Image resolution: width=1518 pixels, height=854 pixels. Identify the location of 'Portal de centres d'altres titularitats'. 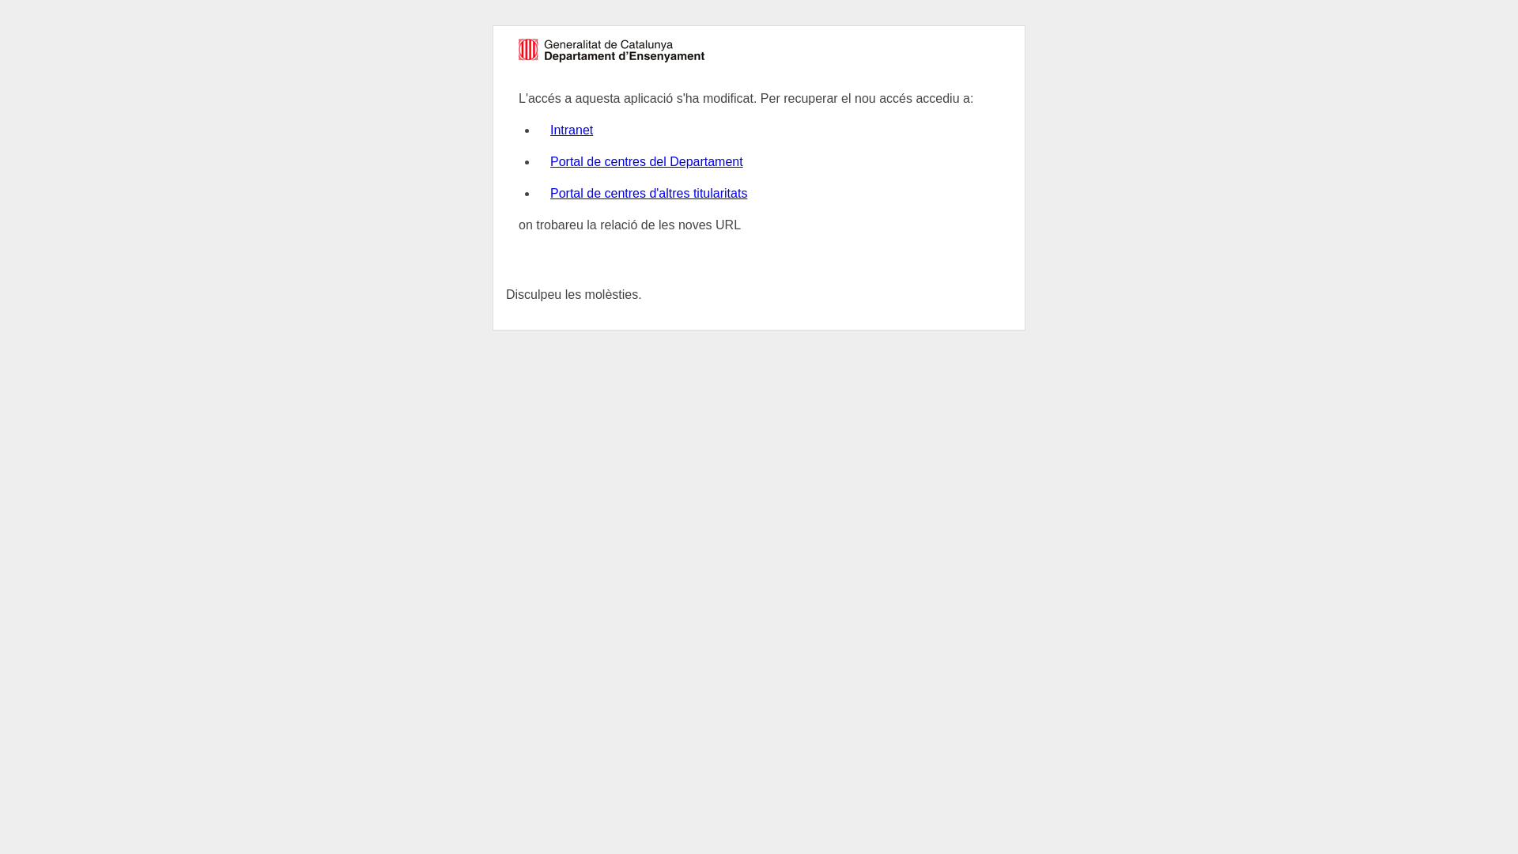
(648, 192).